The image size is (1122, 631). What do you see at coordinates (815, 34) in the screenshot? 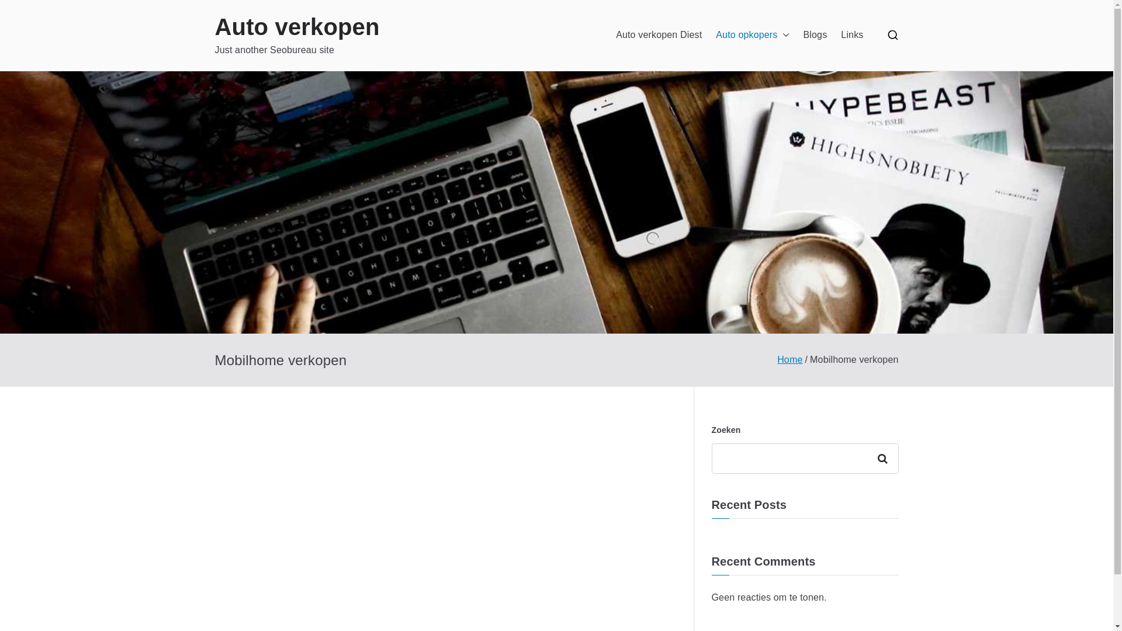
I see `'Blogs'` at bounding box center [815, 34].